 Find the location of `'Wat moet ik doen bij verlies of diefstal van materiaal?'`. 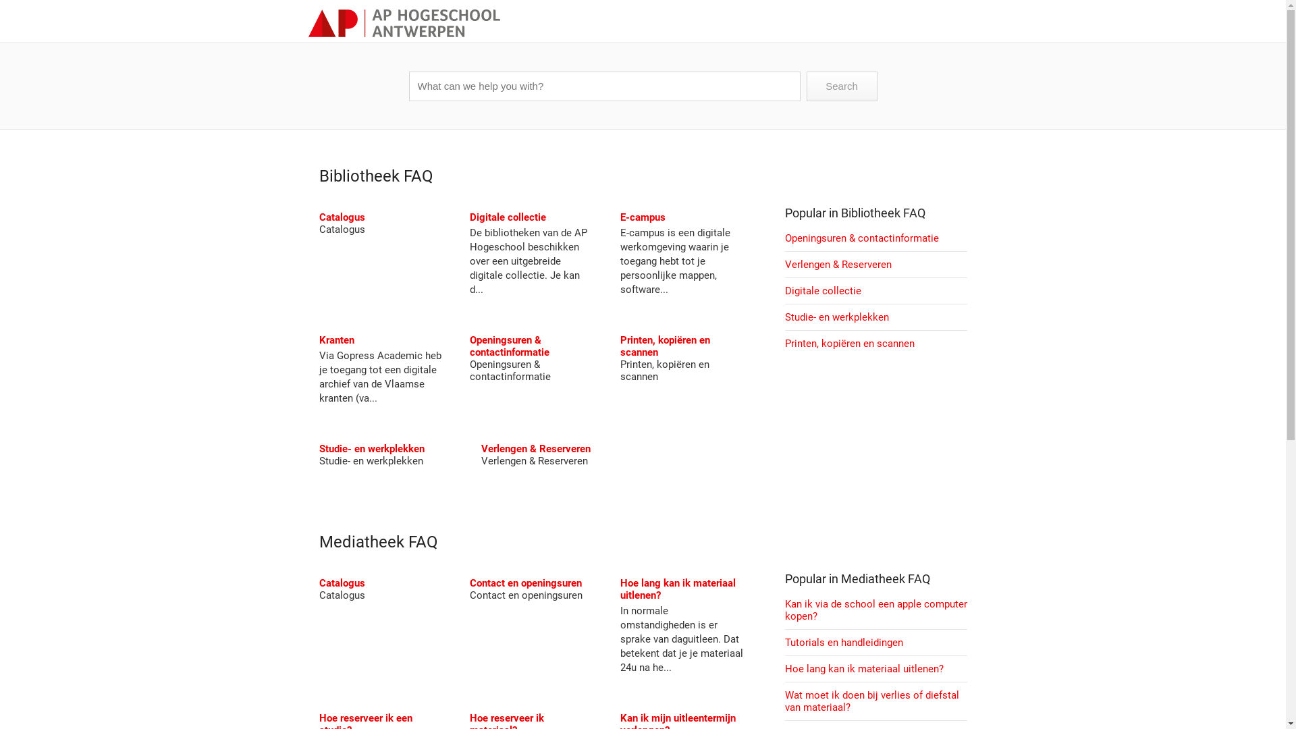

'Wat moet ik doen bij verlies of diefstal van materiaal?' is located at coordinates (871, 700).